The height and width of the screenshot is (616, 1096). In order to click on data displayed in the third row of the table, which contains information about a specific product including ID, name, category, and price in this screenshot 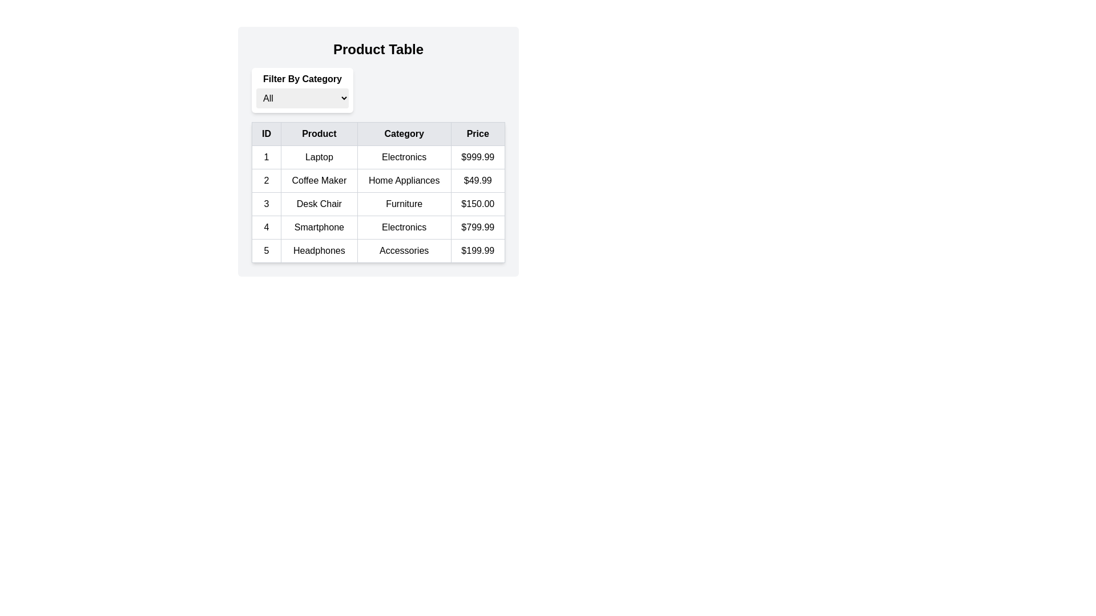, I will do `click(378, 204)`.